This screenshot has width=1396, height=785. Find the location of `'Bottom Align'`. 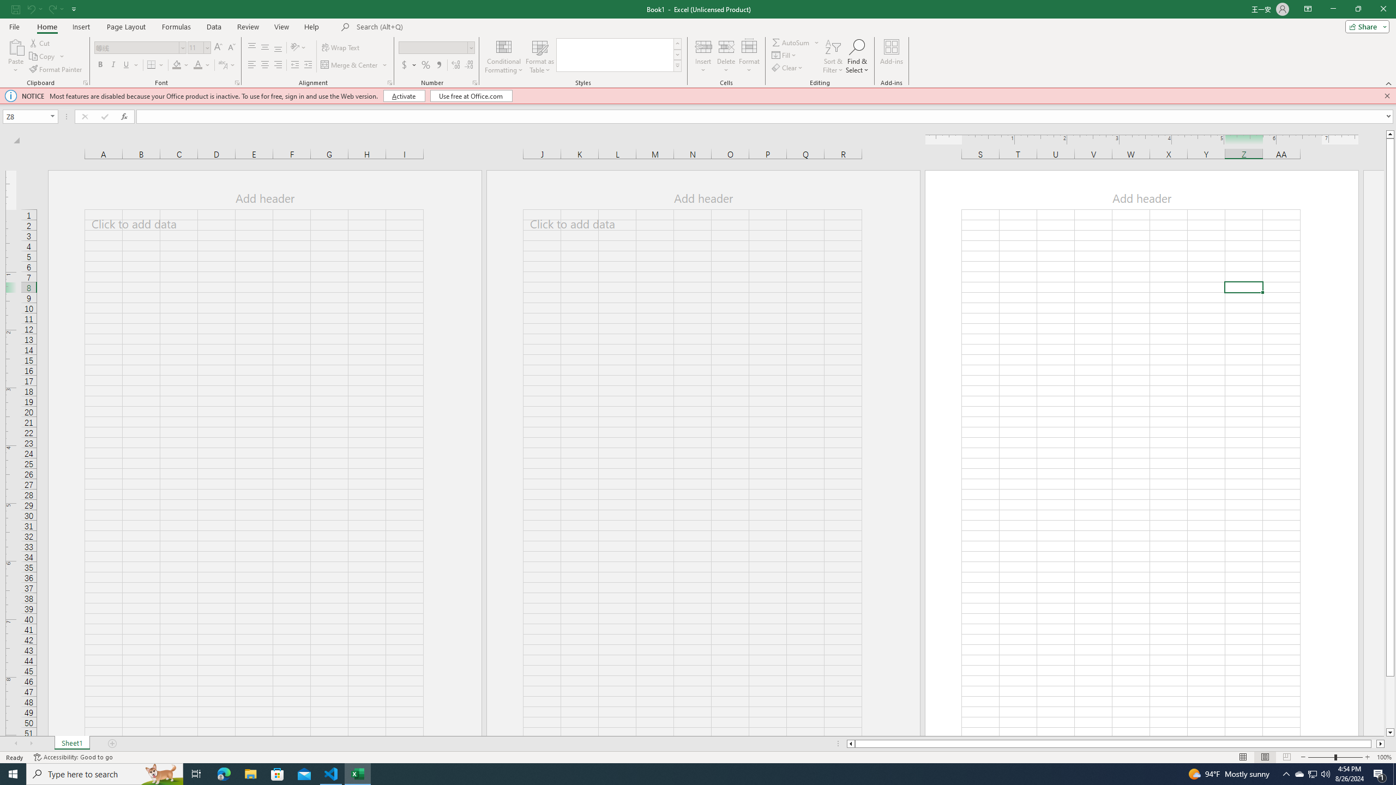

'Bottom Align' is located at coordinates (278, 47).